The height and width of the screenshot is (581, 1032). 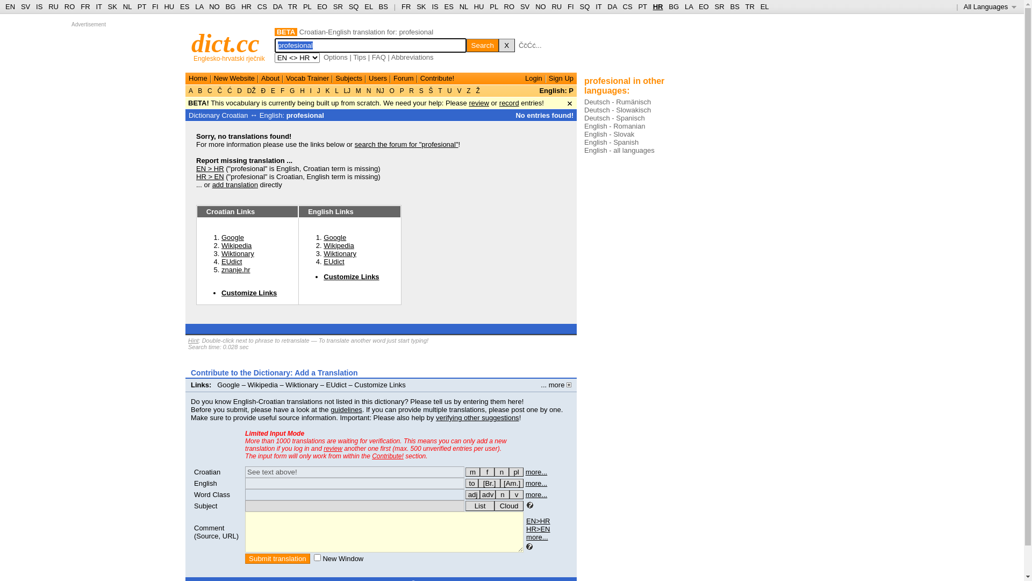 I want to click on 'English - all languages', so click(x=583, y=150).